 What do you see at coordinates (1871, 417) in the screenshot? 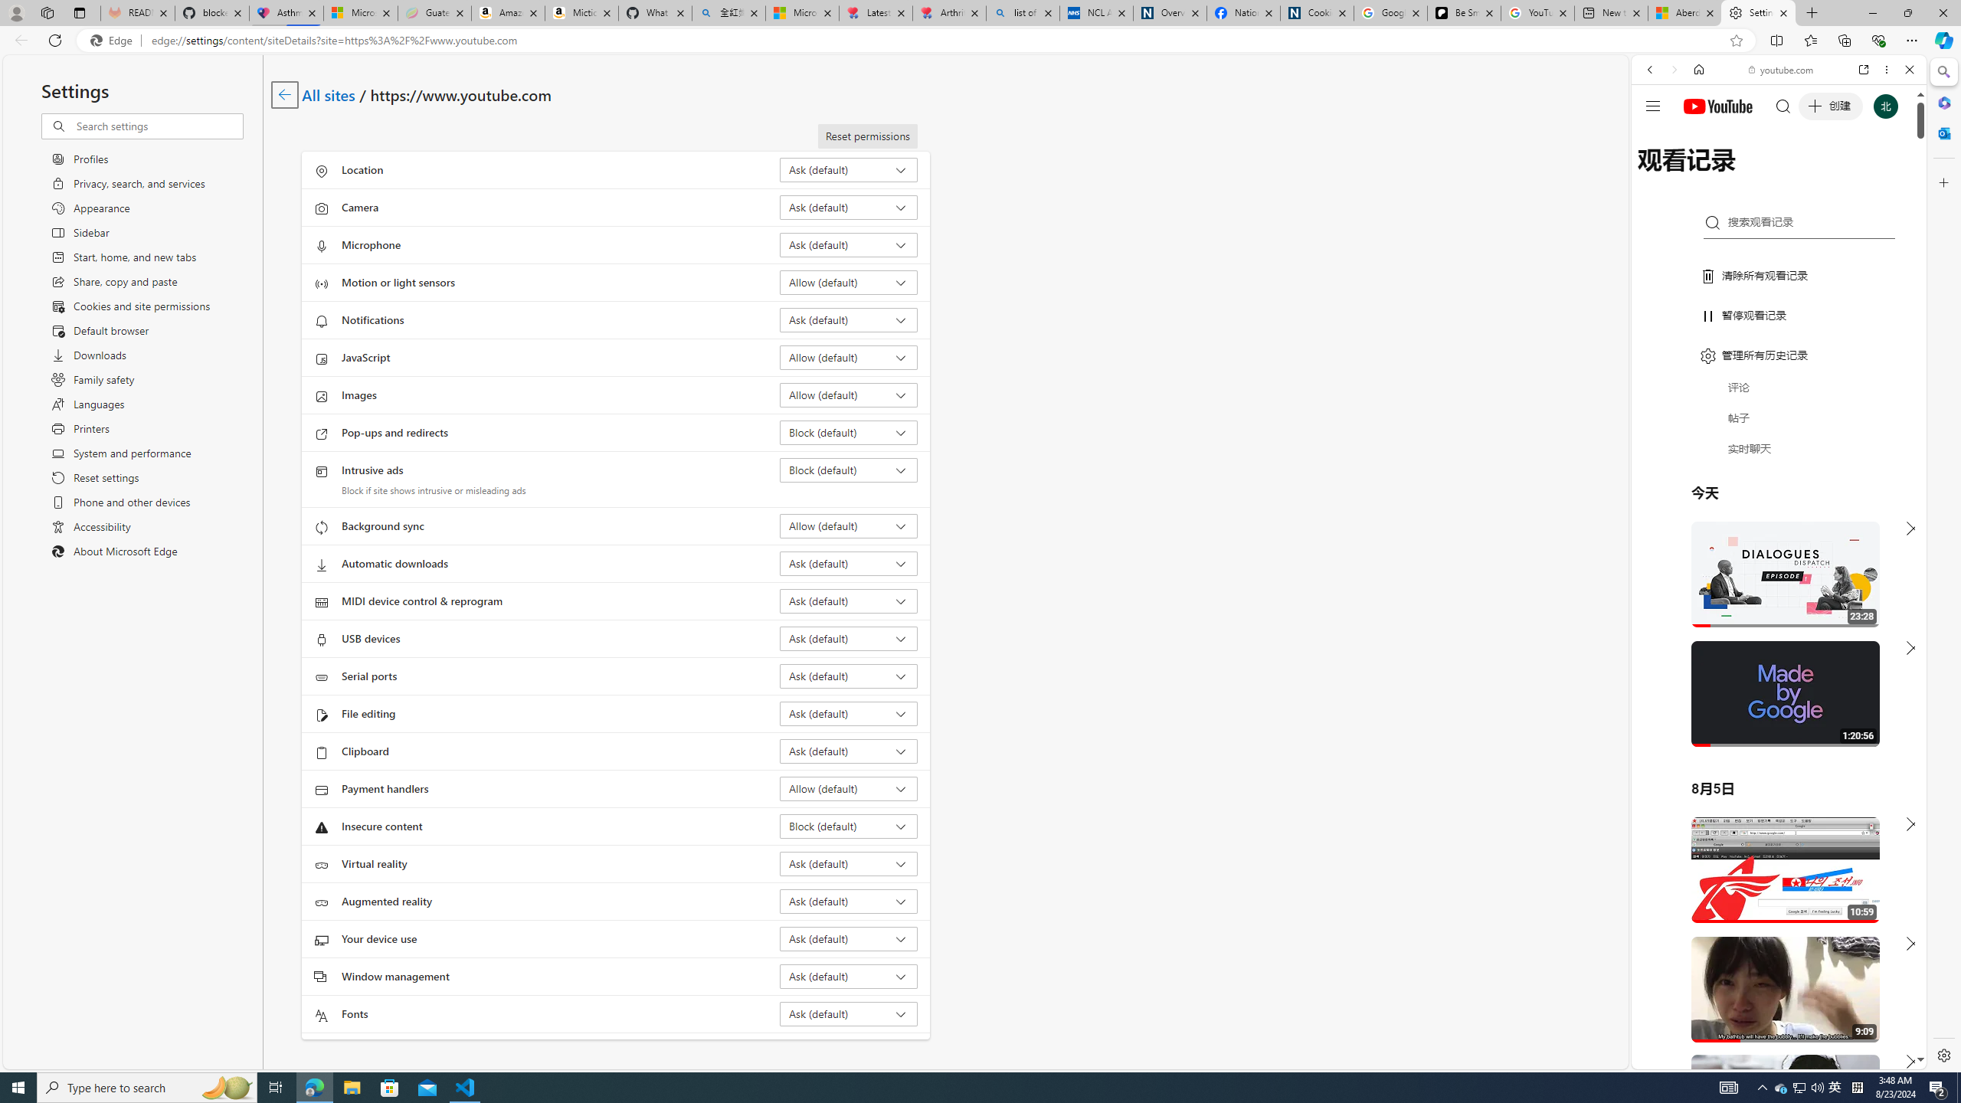
I see `'Show More Music'` at bounding box center [1871, 417].